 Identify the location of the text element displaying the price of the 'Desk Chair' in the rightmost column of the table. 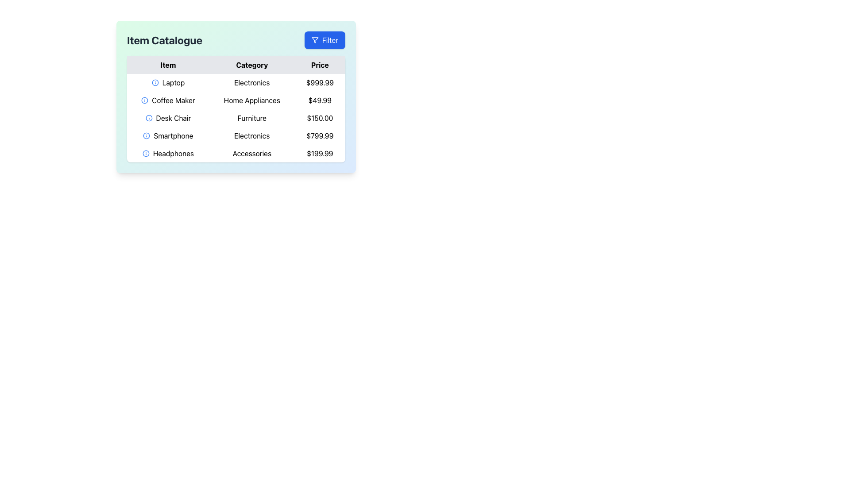
(319, 117).